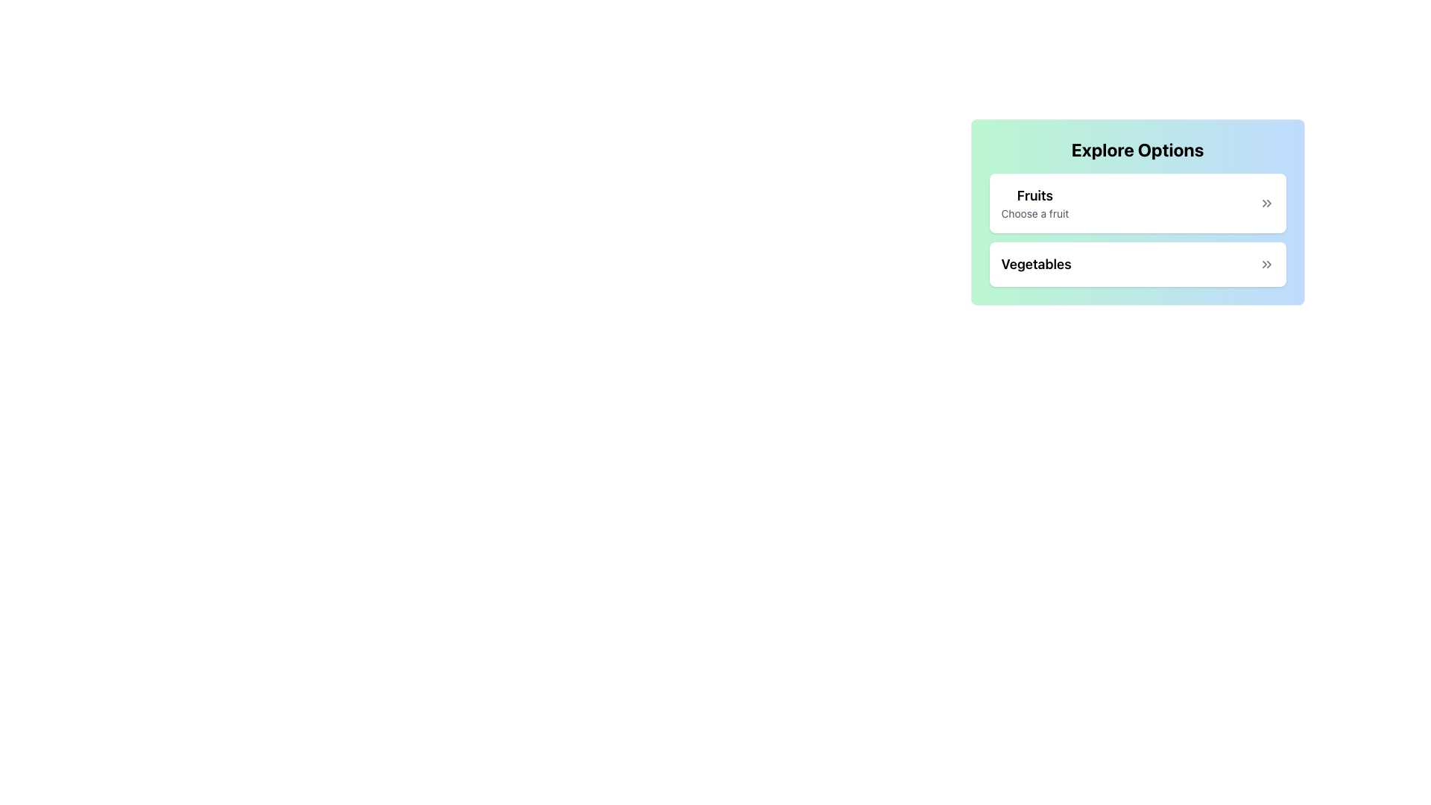 This screenshot has width=1431, height=805. What do you see at coordinates (1035, 263) in the screenshot?
I see `text label that displays 'Vegetables' in bold, large font, positioned below the 'Fruits' option` at bounding box center [1035, 263].